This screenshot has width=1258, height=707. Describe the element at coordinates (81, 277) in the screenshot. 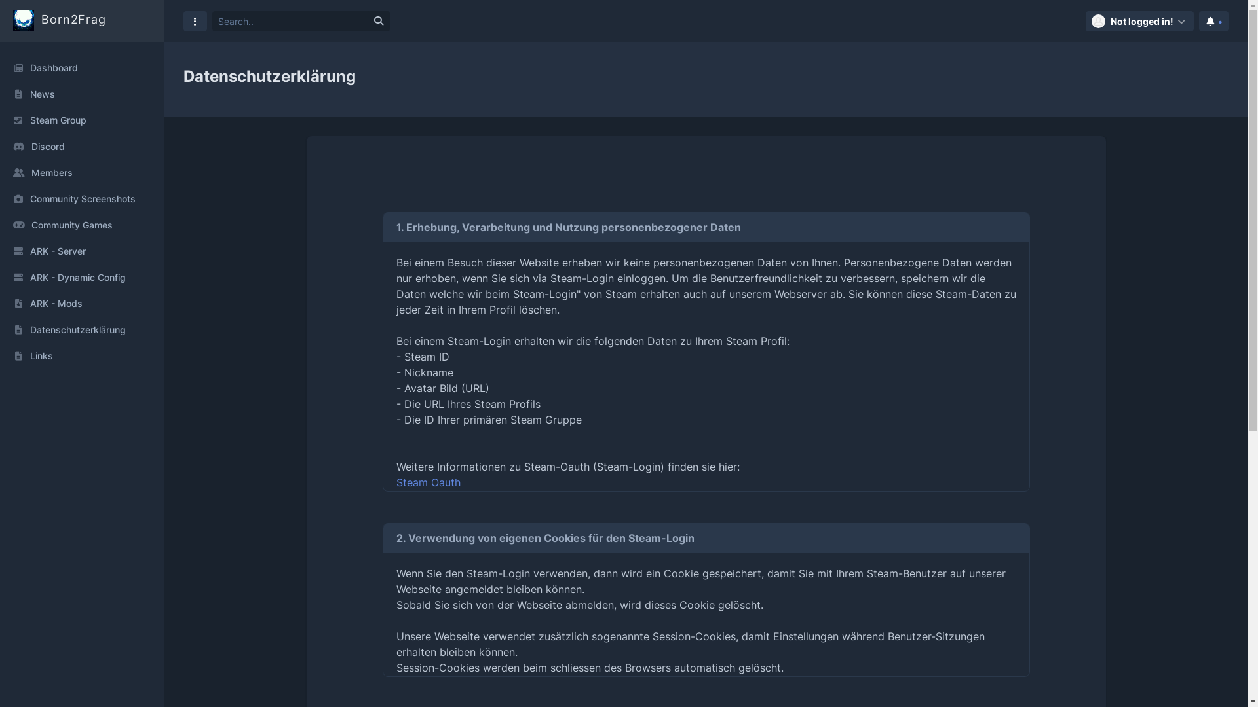

I see `'ARK - Dynamic Config'` at that location.